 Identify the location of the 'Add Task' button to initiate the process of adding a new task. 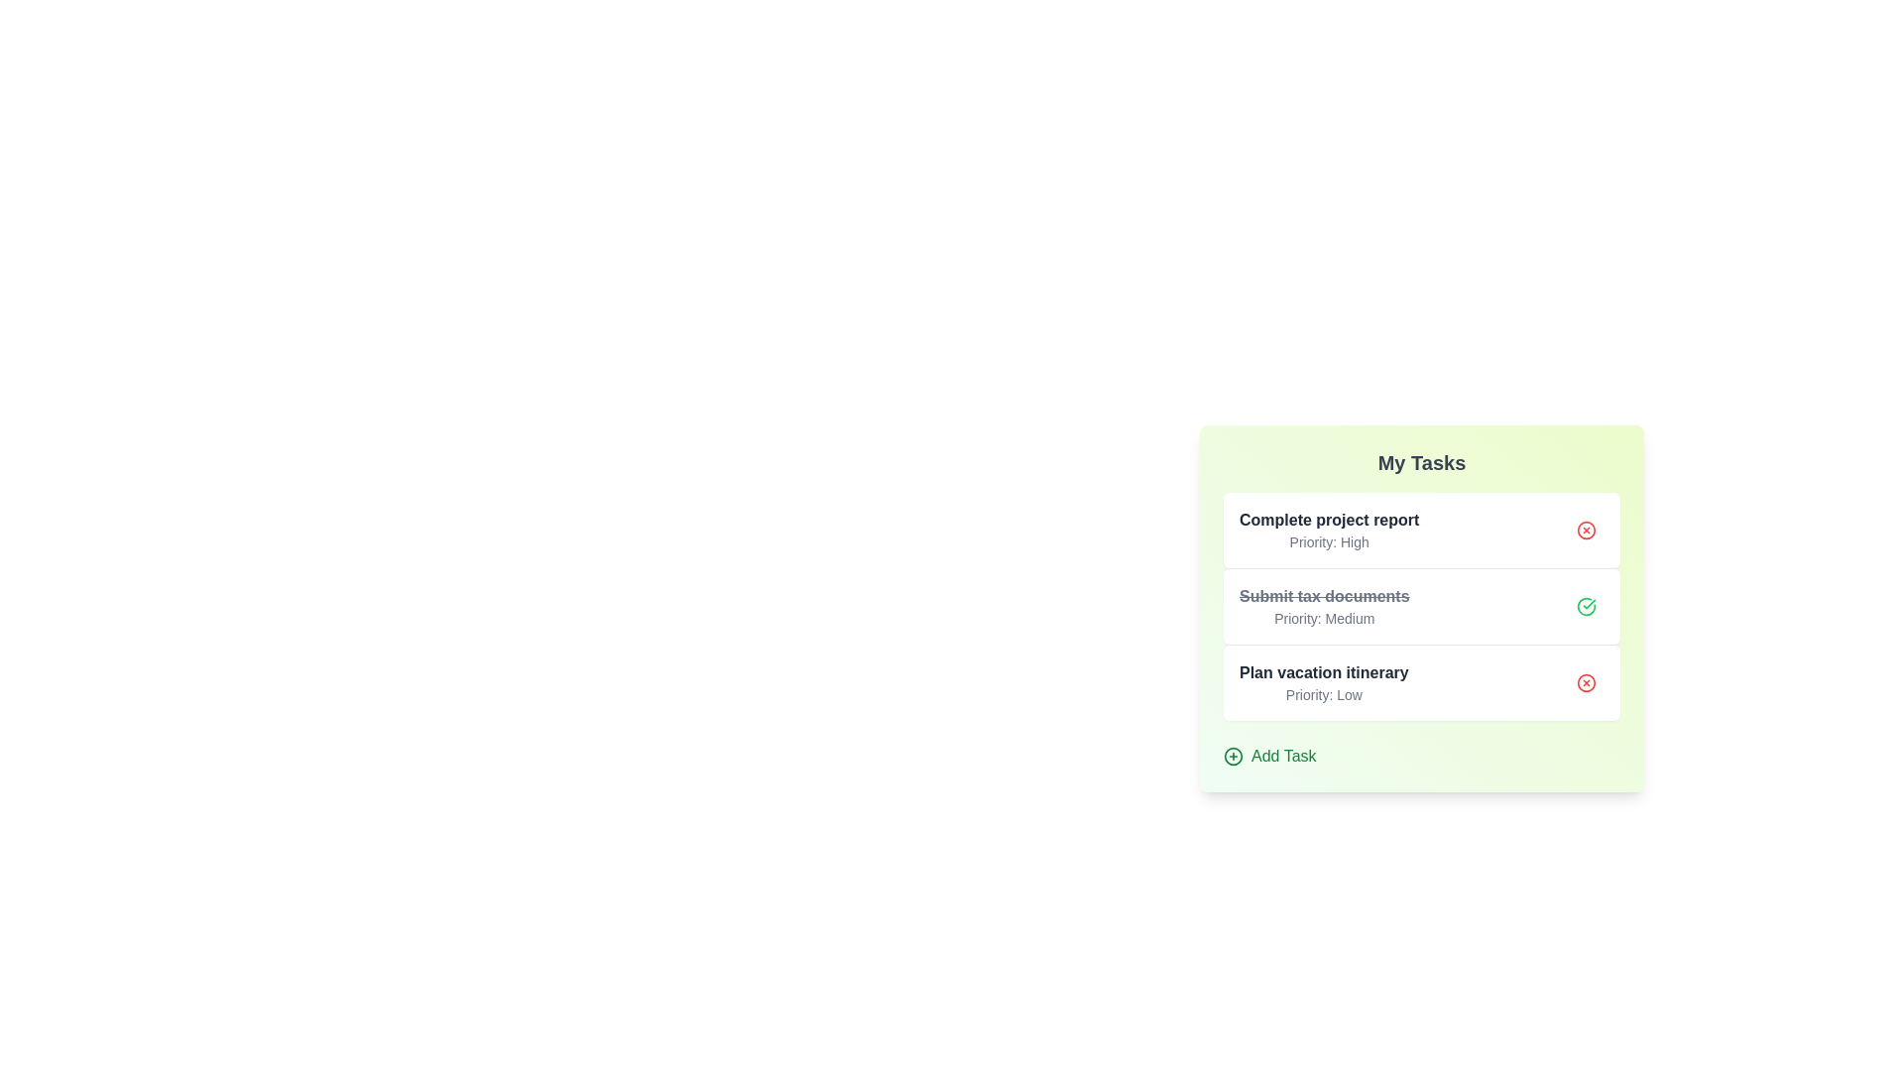
(1269, 757).